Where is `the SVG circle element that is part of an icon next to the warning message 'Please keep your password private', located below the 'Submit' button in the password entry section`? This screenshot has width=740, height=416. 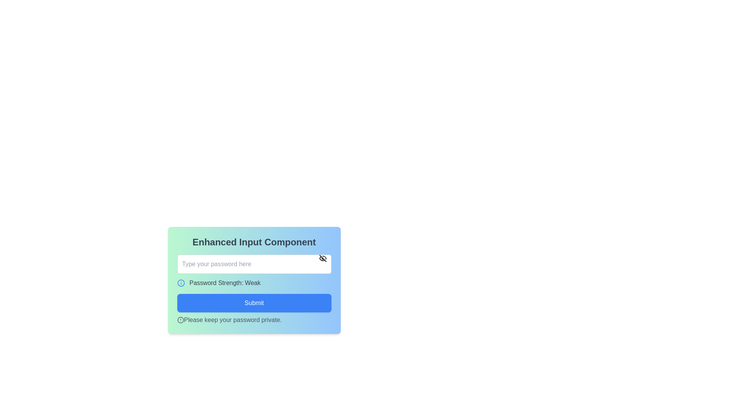 the SVG circle element that is part of an icon next to the warning message 'Please keep your password private', located below the 'Submit' button in the password entry section is located at coordinates (180, 320).